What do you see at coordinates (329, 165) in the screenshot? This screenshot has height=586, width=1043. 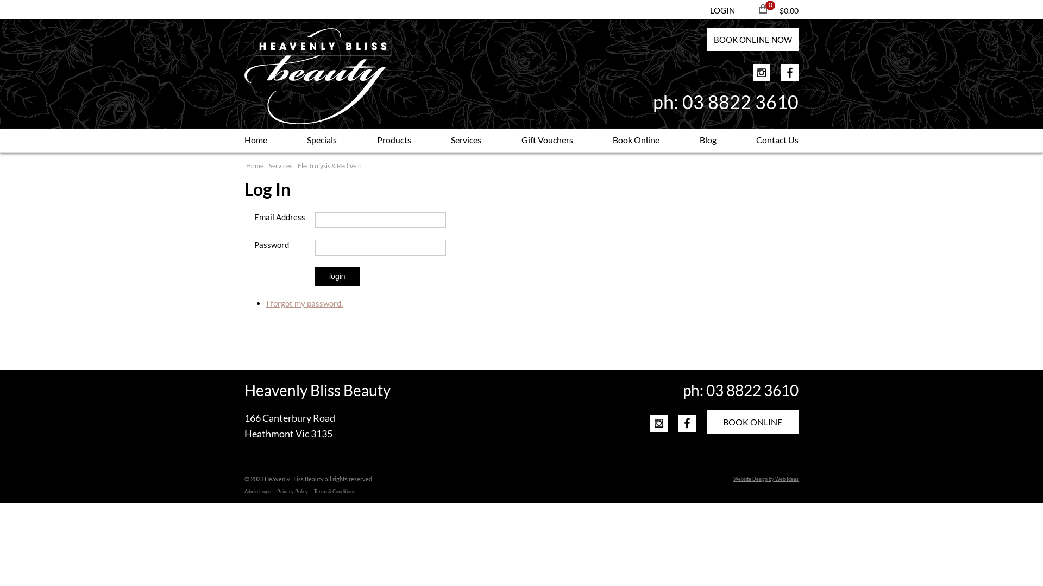 I see `'Electrolysis & Red Vein'` at bounding box center [329, 165].